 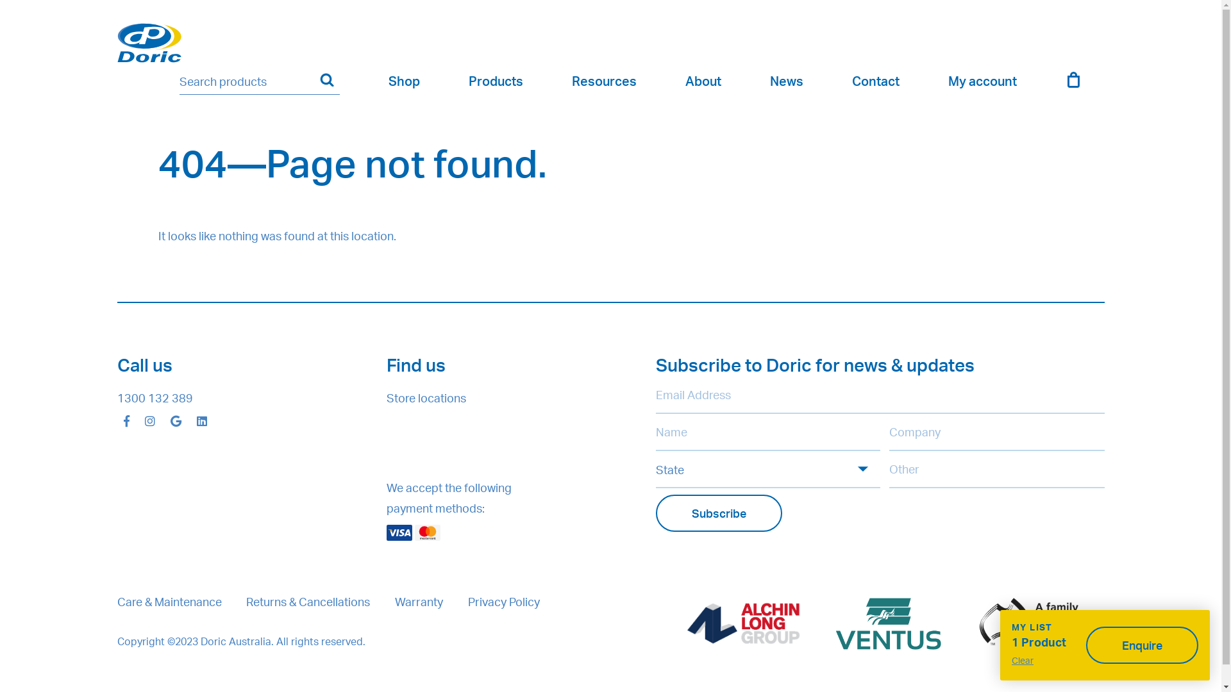 What do you see at coordinates (154, 397) in the screenshot?
I see `'1300 132 389'` at bounding box center [154, 397].